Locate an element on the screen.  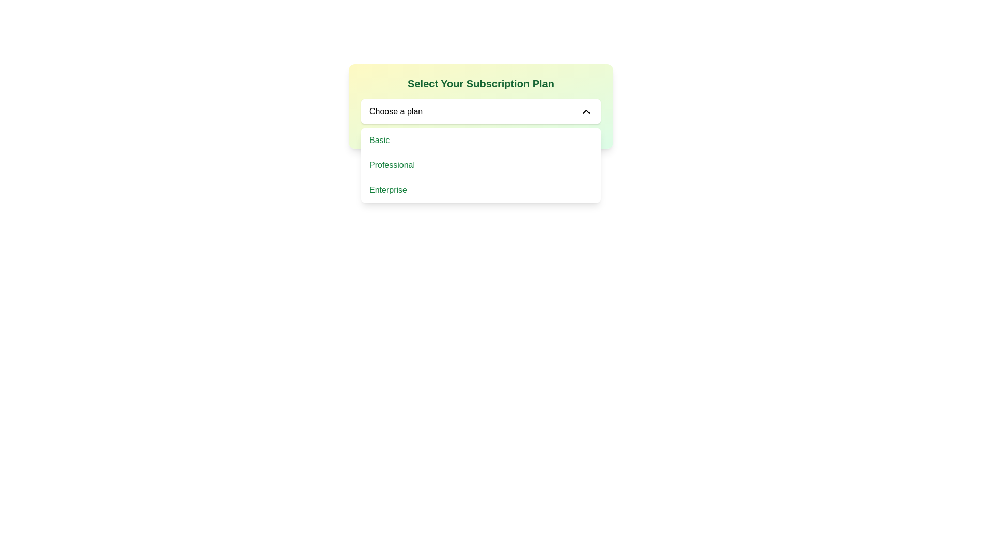
the 'Enterprise' plan option in the dropdown menu for selecting a subscription plan is located at coordinates (388, 190).